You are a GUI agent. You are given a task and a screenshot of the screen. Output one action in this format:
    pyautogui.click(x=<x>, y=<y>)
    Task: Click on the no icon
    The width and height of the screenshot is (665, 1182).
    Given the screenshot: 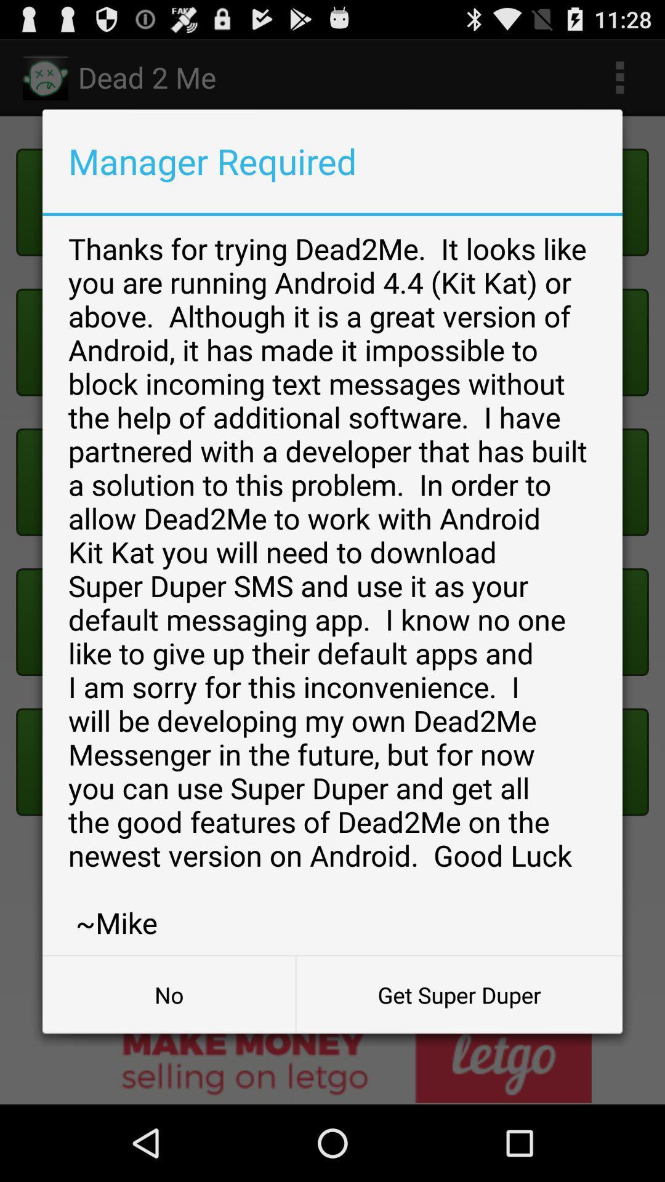 What is the action you would take?
    pyautogui.click(x=169, y=995)
    